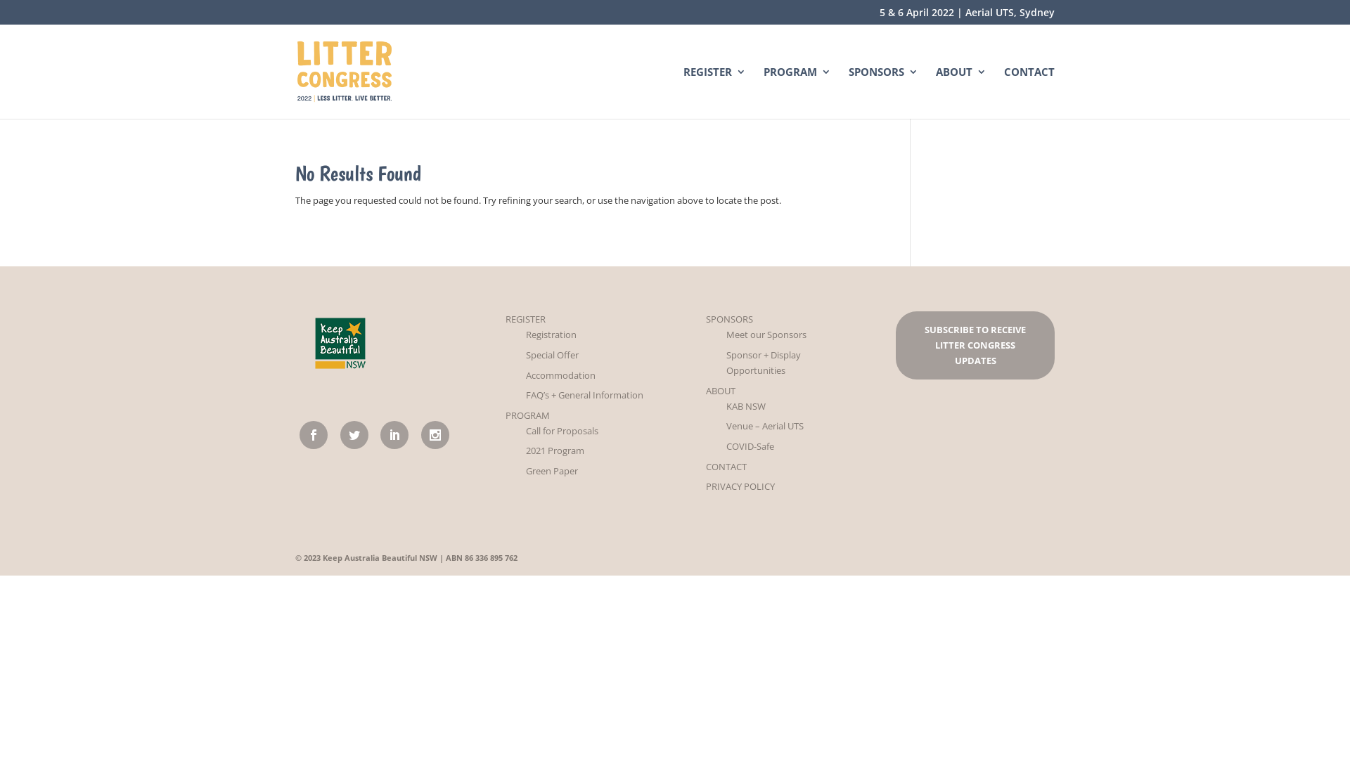 The image size is (1350, 759). What do you see at coordinates (966, 15) in the screenshot?
I see `'5 & 6 April 2022 | Aerial UTS, Sydney'` at bounding box center [966, 15].